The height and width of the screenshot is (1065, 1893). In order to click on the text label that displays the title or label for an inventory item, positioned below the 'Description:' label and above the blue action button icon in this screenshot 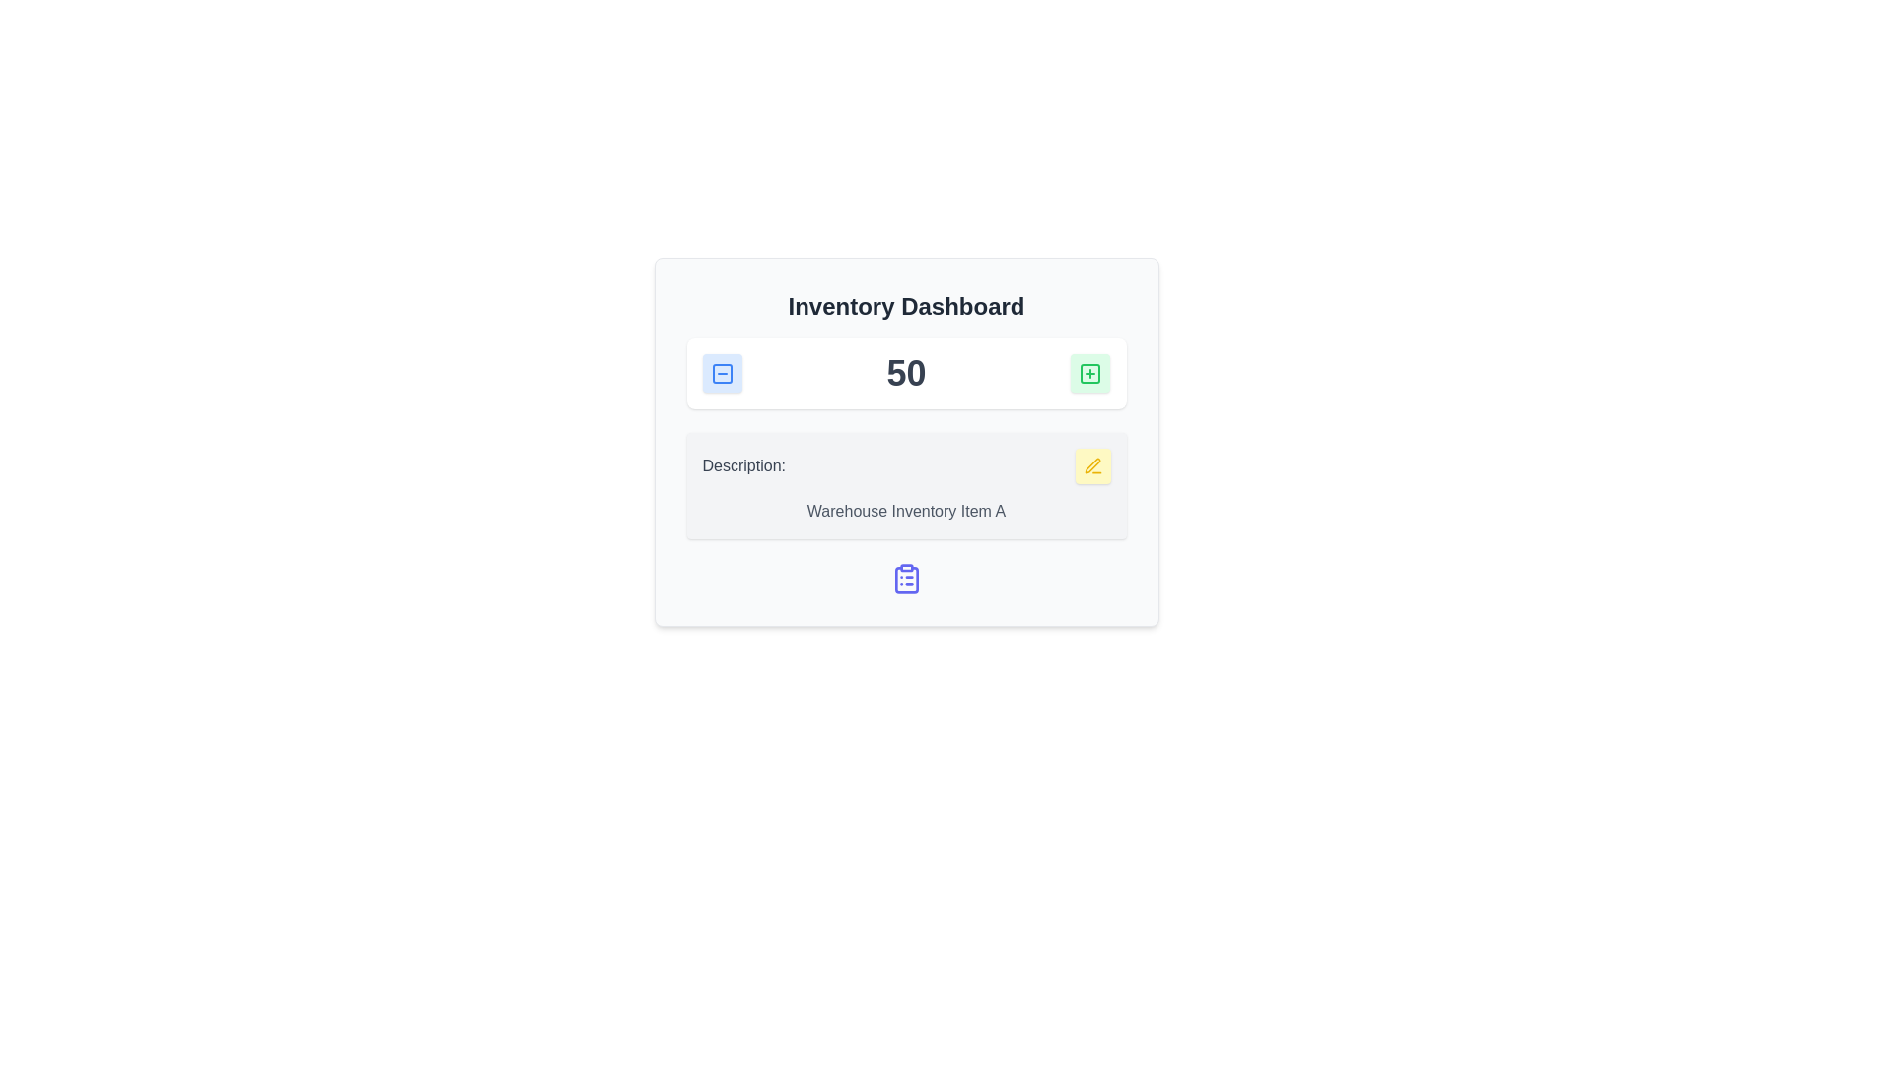, I will do `click(905, 511)`.